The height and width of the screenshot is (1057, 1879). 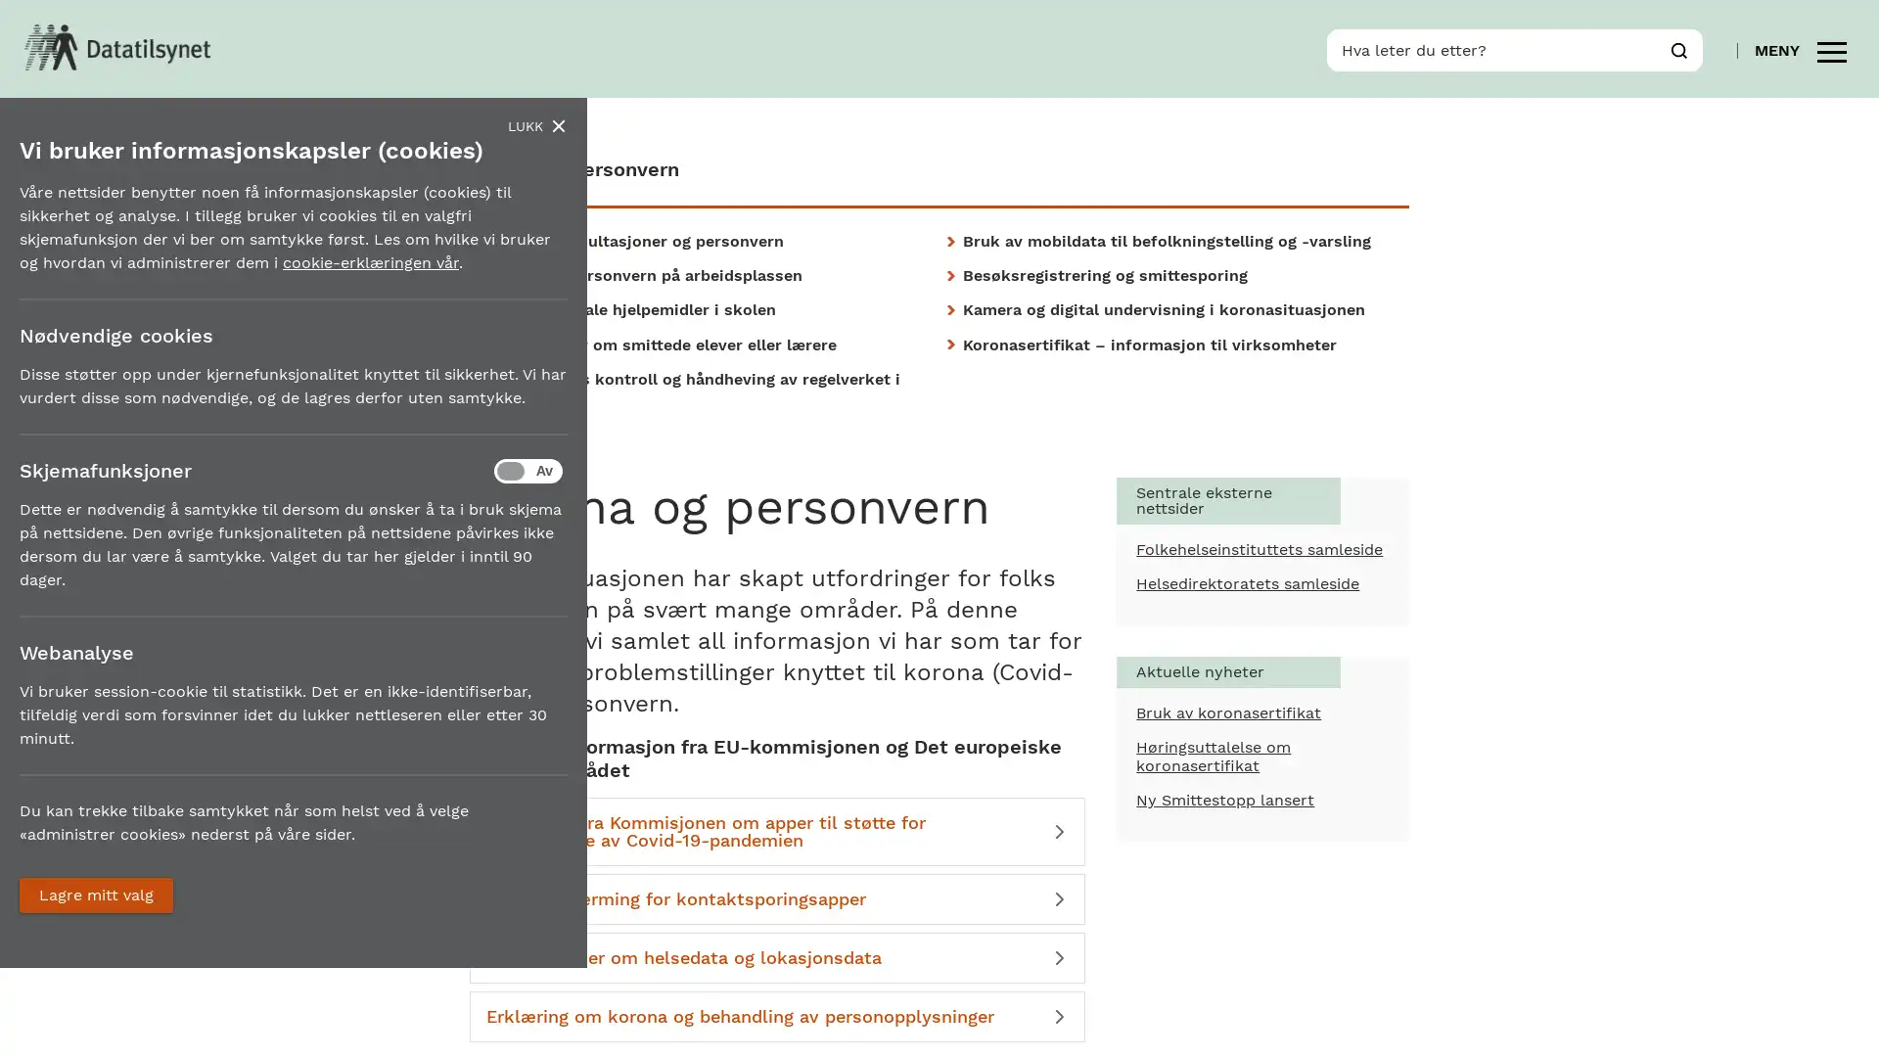 What do you see at coordinates (95, 895) in the screenshot?
I see `Lagre mitt valg` at bounding box center [95, 895].